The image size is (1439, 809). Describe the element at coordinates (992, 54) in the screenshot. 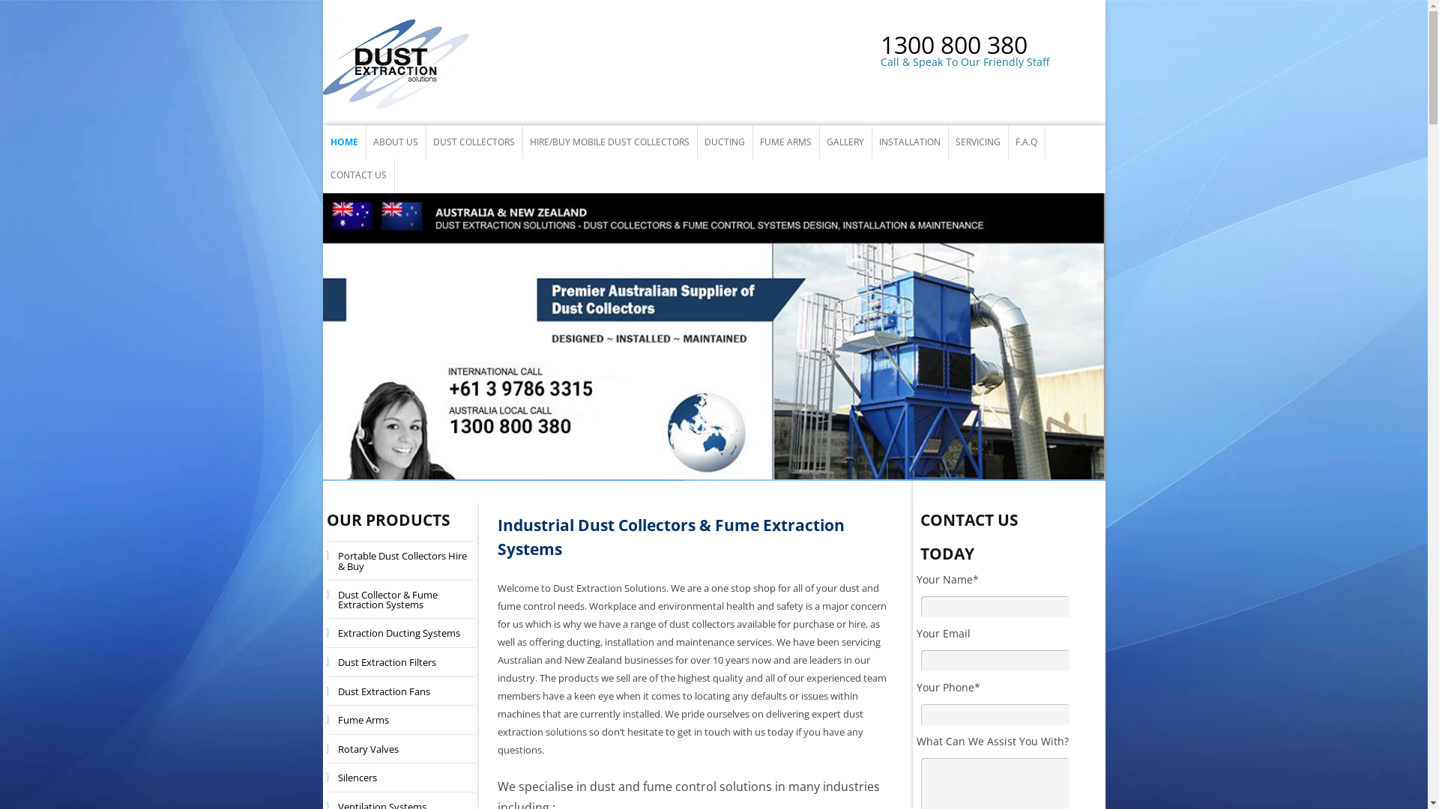

I see `'1300 800 380` at that location.